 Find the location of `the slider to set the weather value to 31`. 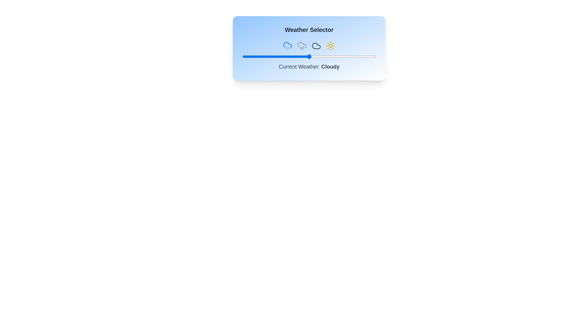

the slider to set the weather value to 31 is located at coordinates (283, 56).